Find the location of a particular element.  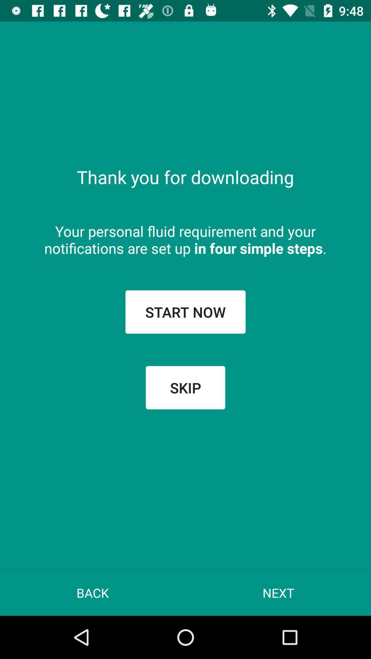

item to the left of the next app is located at coordinates (93, 592).